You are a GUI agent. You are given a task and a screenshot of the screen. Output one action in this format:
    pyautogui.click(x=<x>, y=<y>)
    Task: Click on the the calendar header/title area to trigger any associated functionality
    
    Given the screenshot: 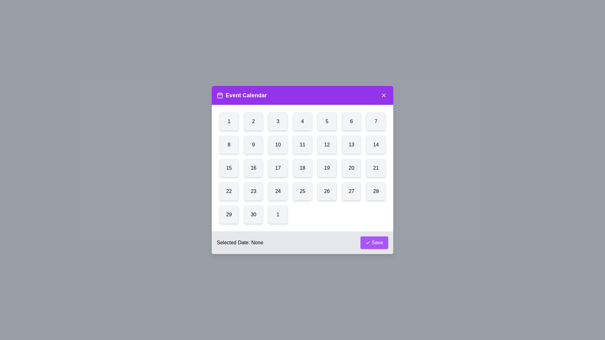 What is the action you would take?
    pyautogui.click(x=302, y=95)
    